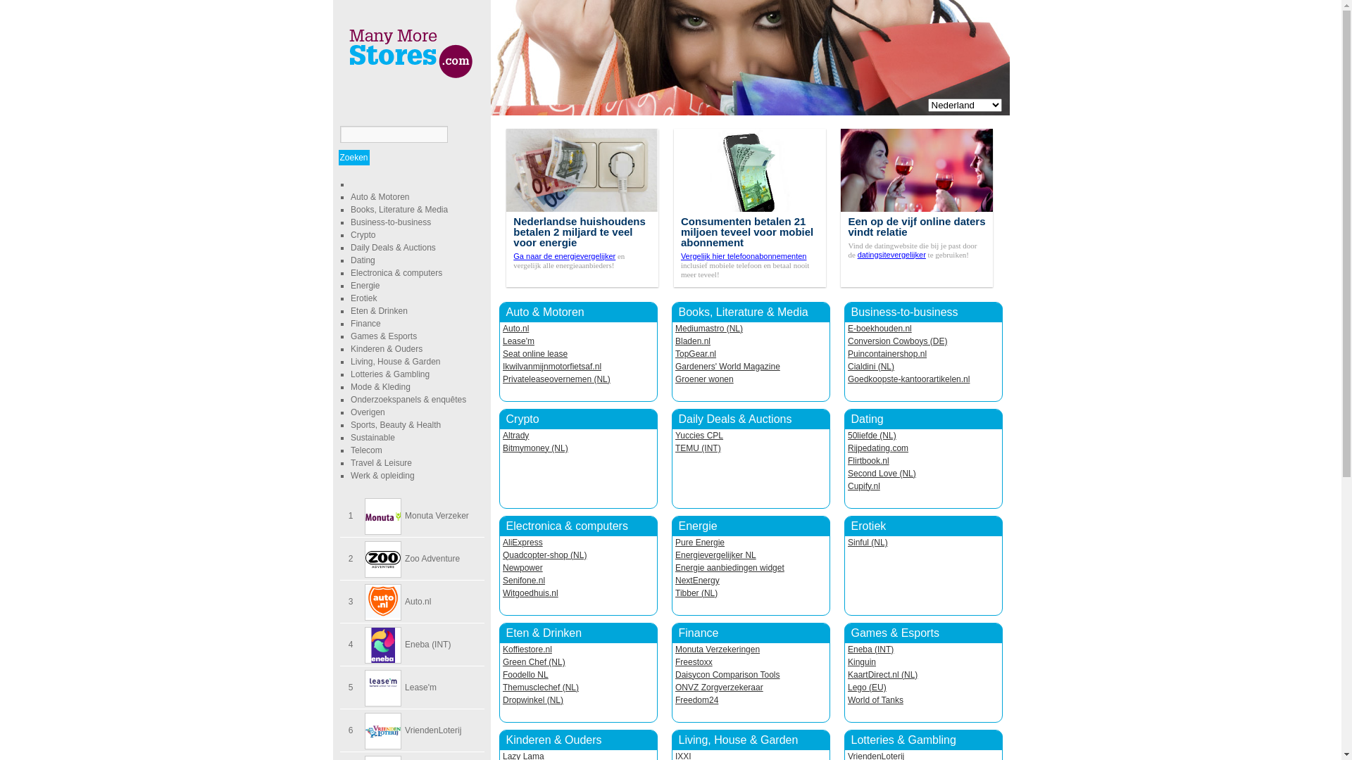  Describe the element at coordinates (697, 581) in the screenshot. I see `'NextEnergy'` at that location.